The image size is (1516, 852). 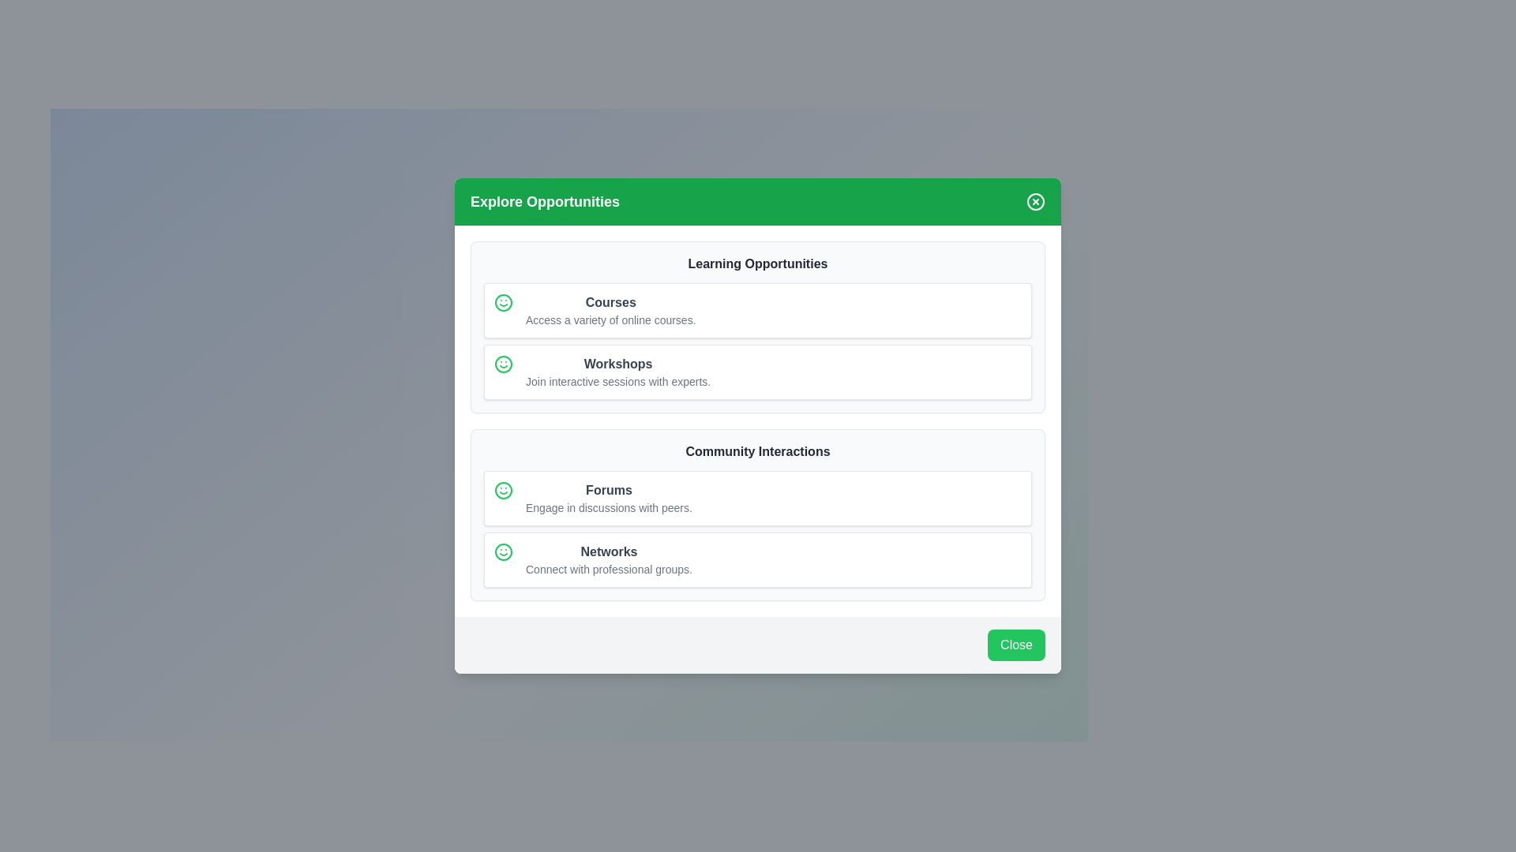 I want to click on the close button located at the top-right corner of the 'Explore Opportunities' panel, so click(x=1035, y=200).